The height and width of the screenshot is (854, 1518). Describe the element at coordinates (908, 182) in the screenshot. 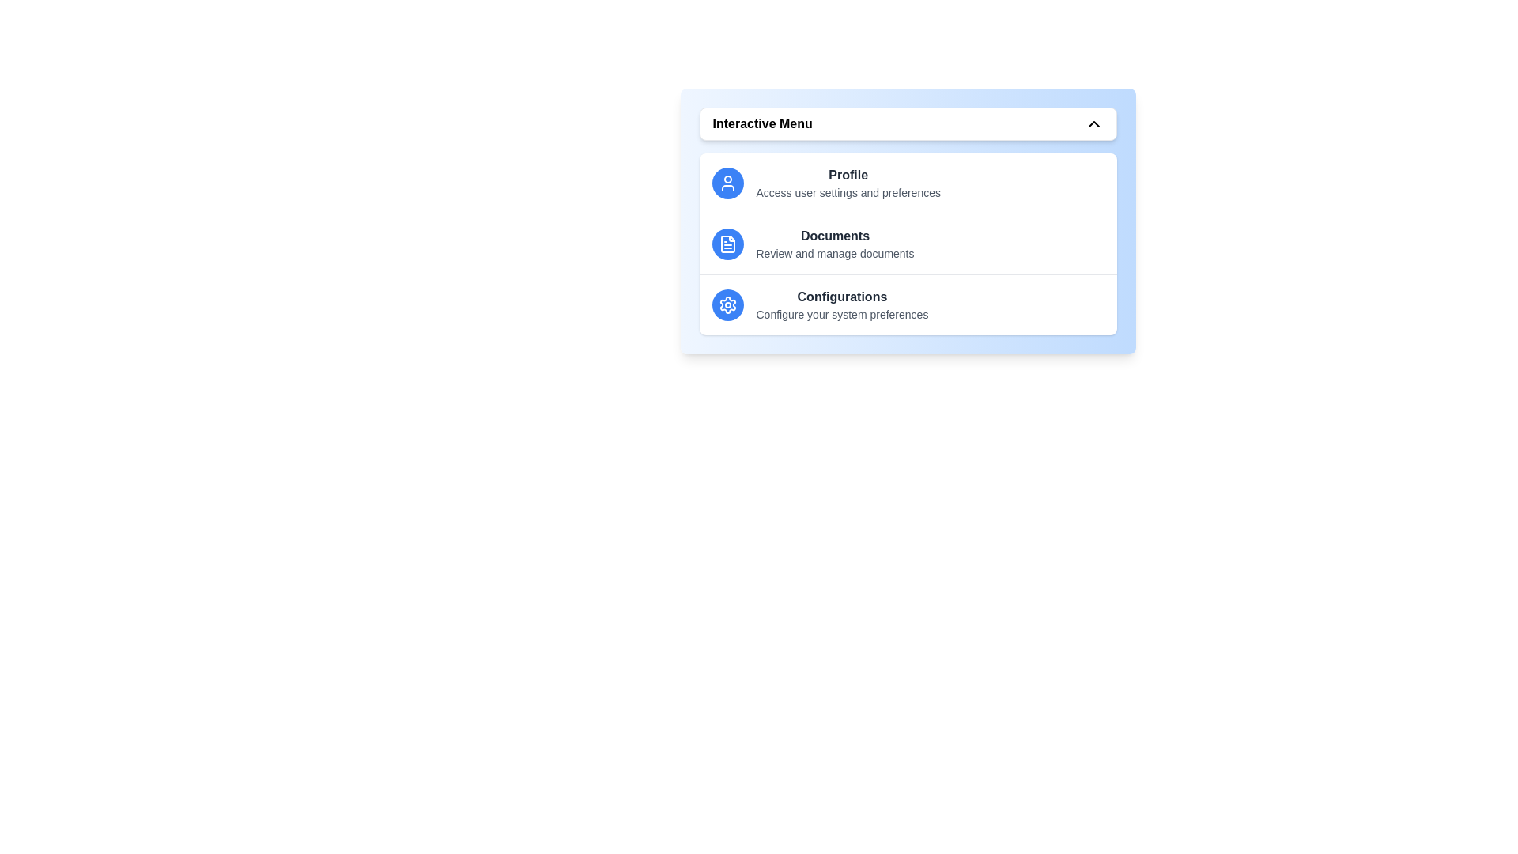

I see `the menu item Profile by clicking on it` at that location.